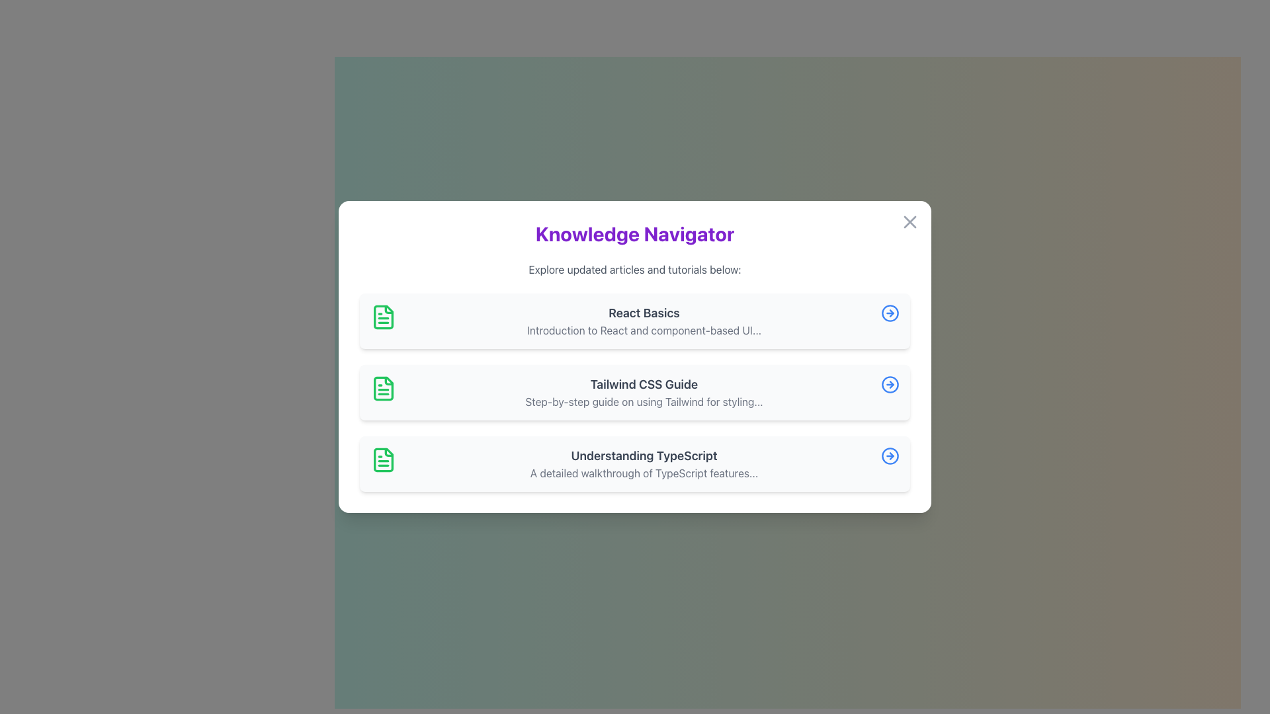 The width and height of the screenshot is (1270, 714). What do you see at coordinates (383, 387) in the screenshot?
I see `the green document icon located to the left of the title 'Tailwind CSS Guide' in the vertical list of items` at bounding box center [383, 387].